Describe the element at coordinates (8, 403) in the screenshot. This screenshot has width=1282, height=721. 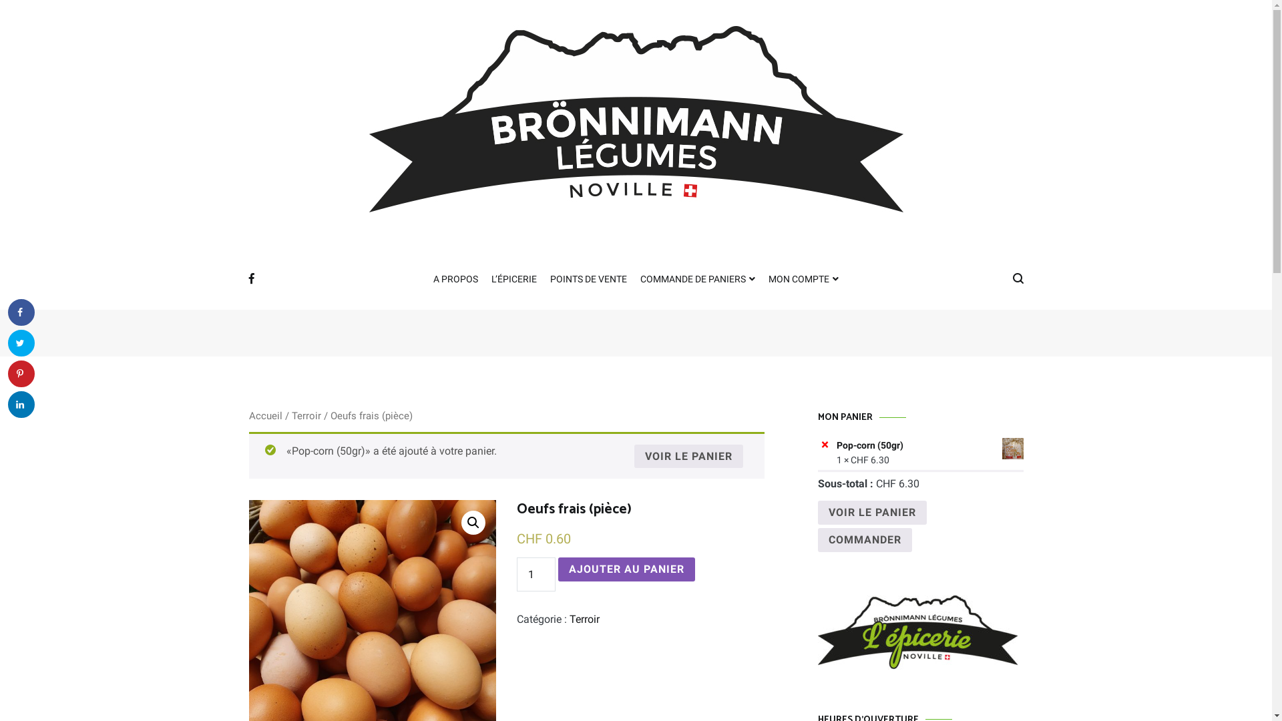
I see `'Share on LinkedIn'` at that location.